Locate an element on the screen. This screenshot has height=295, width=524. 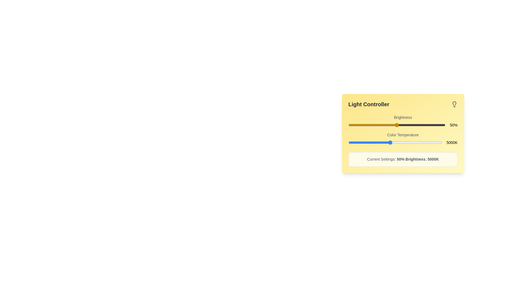
the color temperature slider to set the value to 7173 K is located at coordinates (413, 142).